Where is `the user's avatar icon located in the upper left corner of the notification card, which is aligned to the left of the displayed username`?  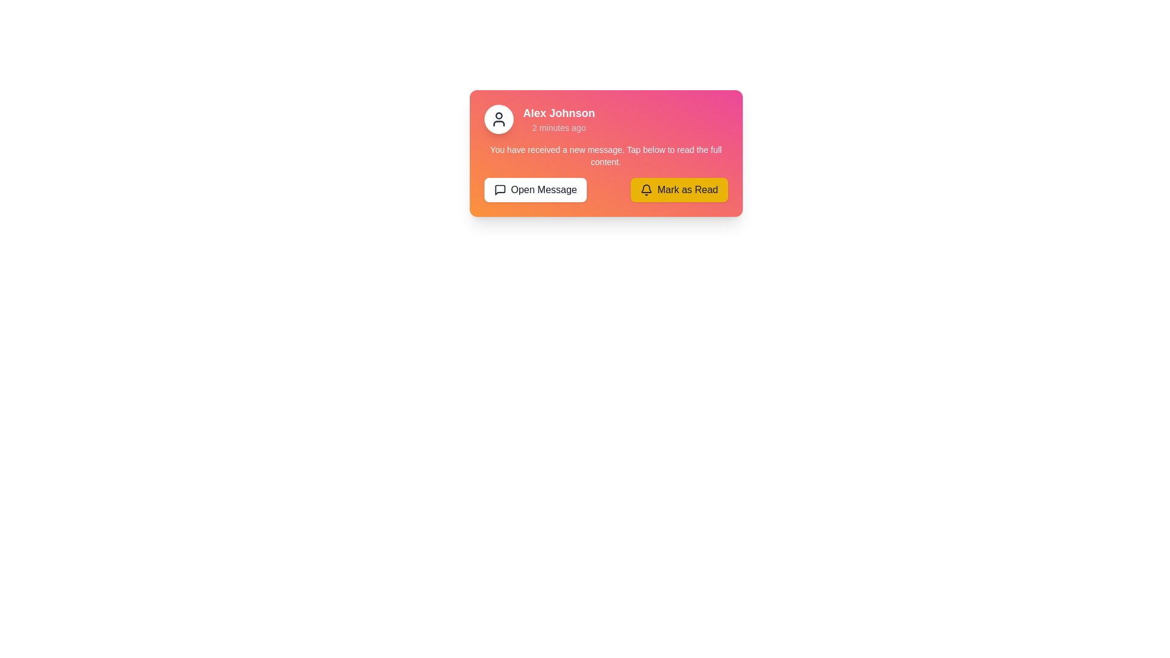 the user's avatar icon located in the upper left corner of the notification card, which is aligned to the left of the displayed username is located at coordinates (498, 119).